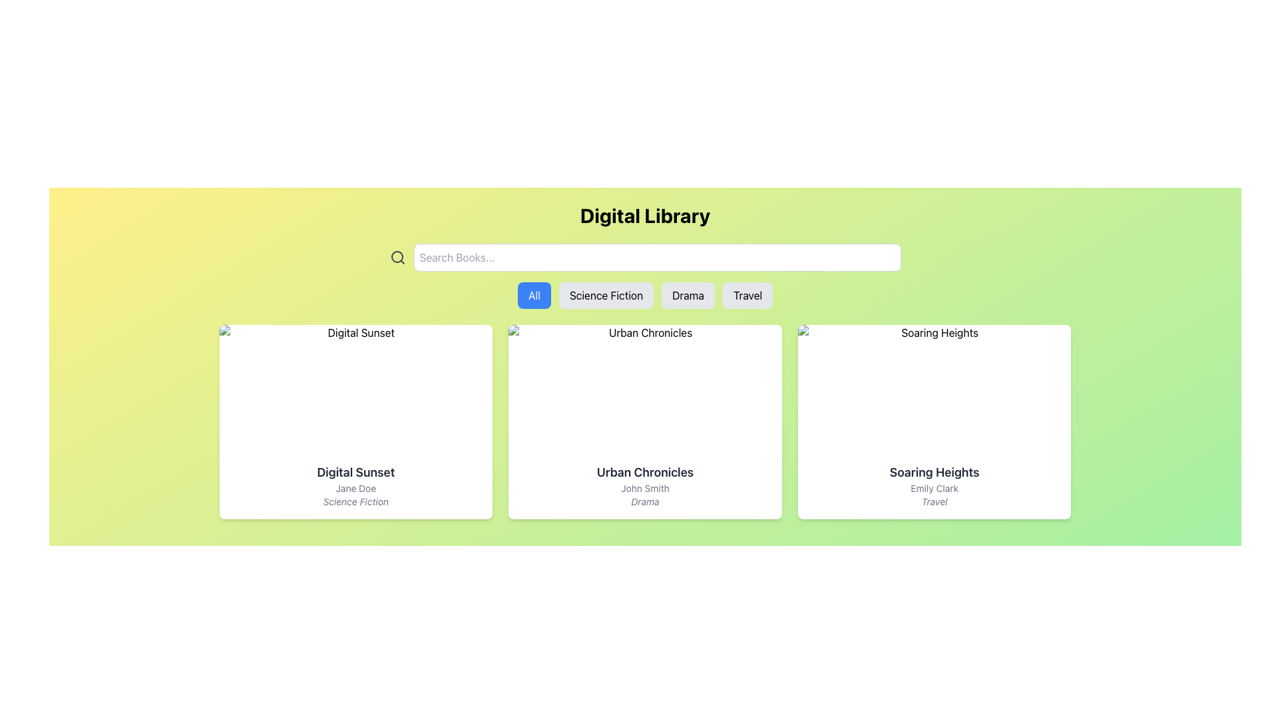 This screenshot has width=1278, height=719. I want to click on the blue button labeled 'All' to observe its hover effect, which is the leftmost button in a row of category buttons positioned below the search bar, so click(534, 294).